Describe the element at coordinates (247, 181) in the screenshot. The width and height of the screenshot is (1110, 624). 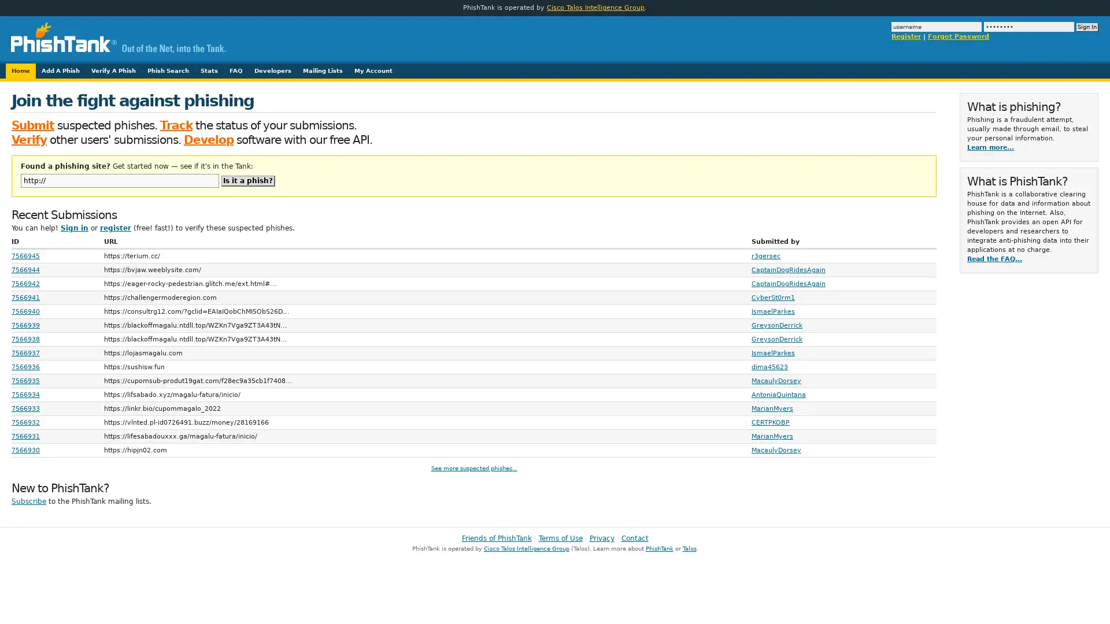
I see `Is it a phish?` at that location.